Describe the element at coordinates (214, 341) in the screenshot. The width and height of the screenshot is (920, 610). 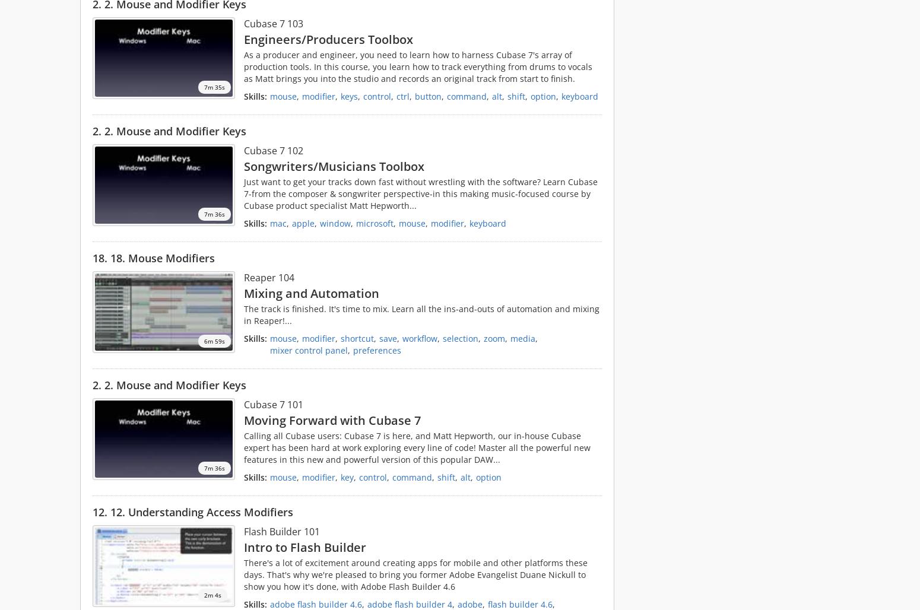
I see `'6m 59s'` at that location.